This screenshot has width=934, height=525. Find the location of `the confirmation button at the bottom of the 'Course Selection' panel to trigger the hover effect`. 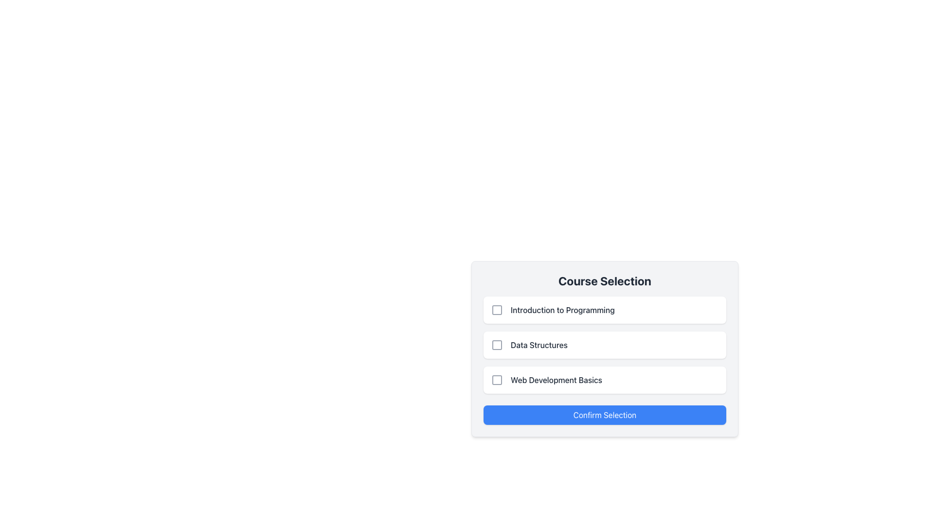

the confirmation button at the bottom of the 'Course Selection' panel to trigger the hover effect is located at coordinates (604, 415).